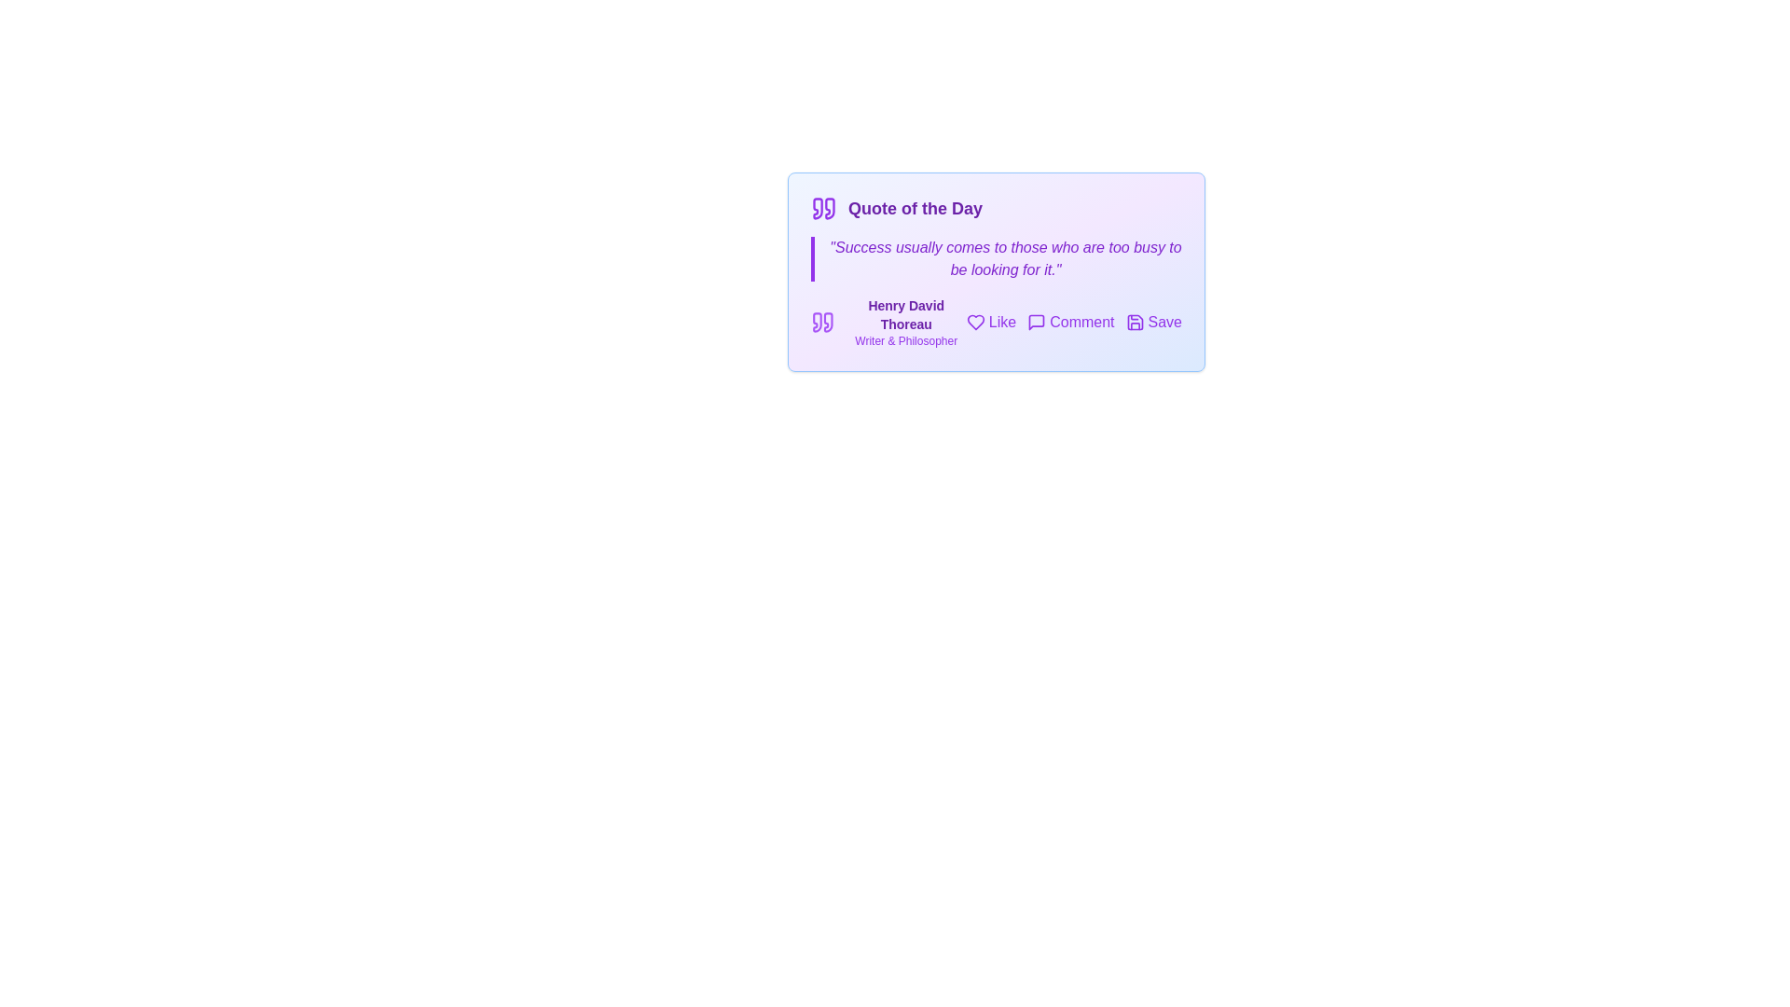  I want to click on the purple quotation mark icon, which is located on the left side of the 'Henry David Thoreau, Writer & Philosopher' text block, so click(821, 322).